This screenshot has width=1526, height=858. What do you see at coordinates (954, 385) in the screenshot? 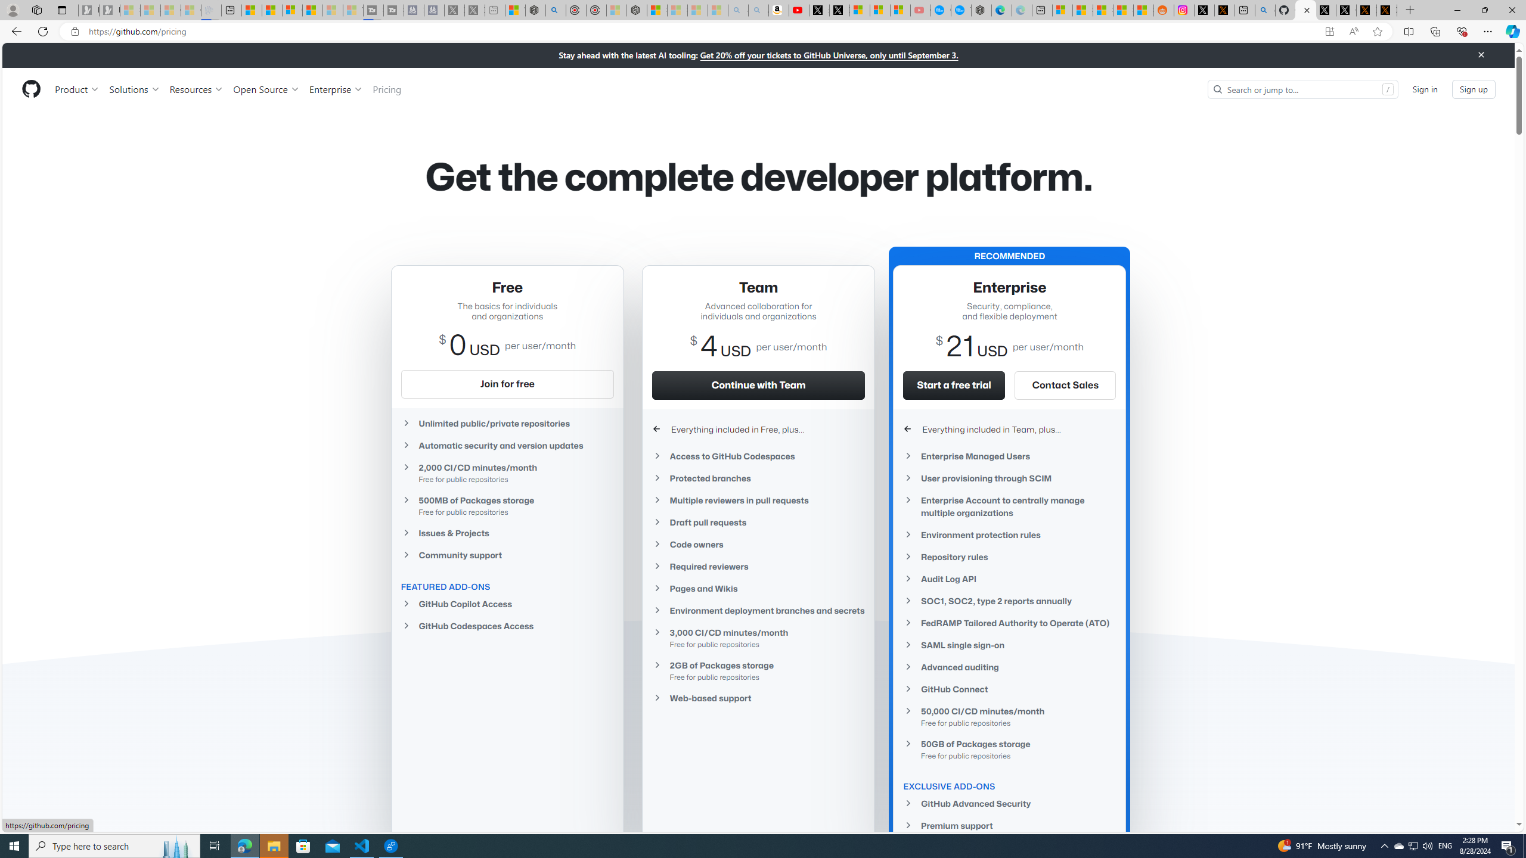
I see `'Start a free trial'` at bounding box center [954, 385].